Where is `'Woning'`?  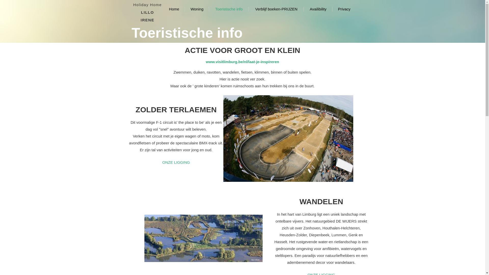 'Woning' is located at coordinates (197, 9).